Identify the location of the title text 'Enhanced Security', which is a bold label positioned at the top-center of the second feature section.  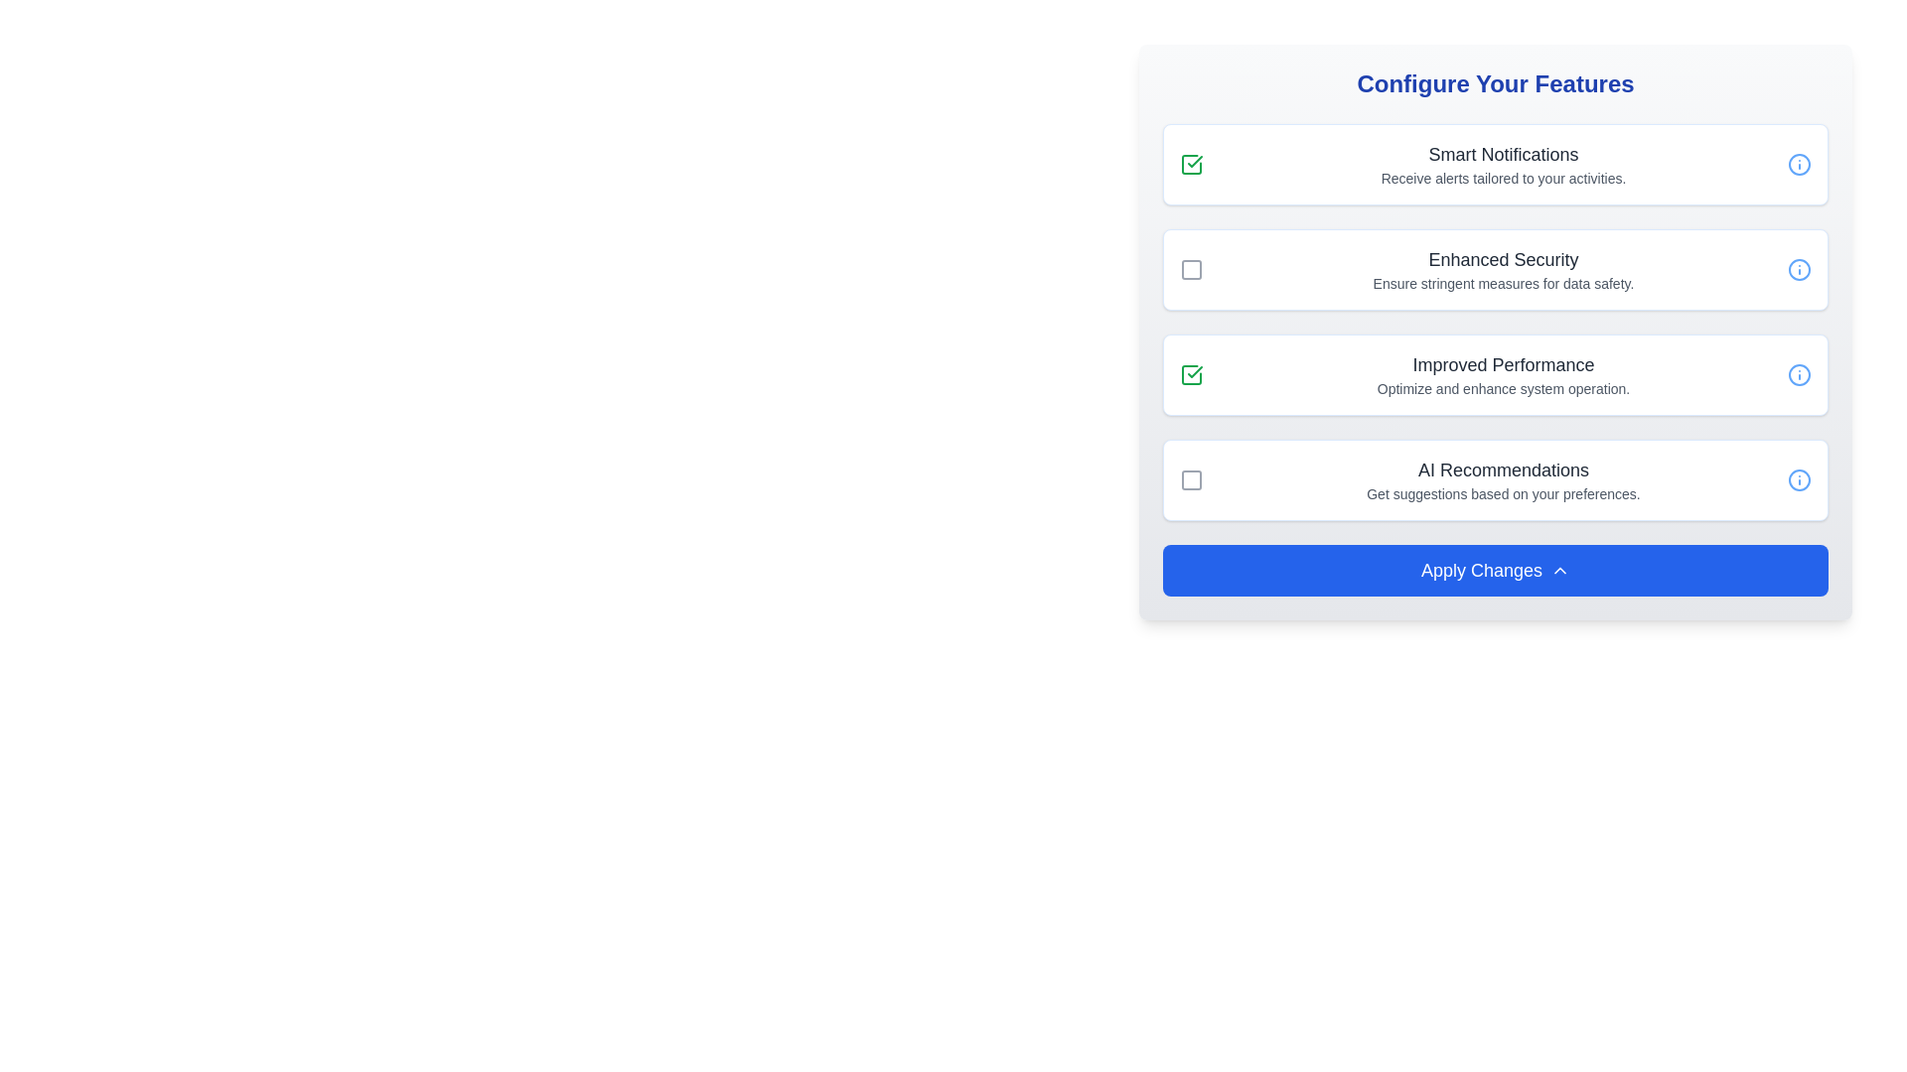
(1503, 259).